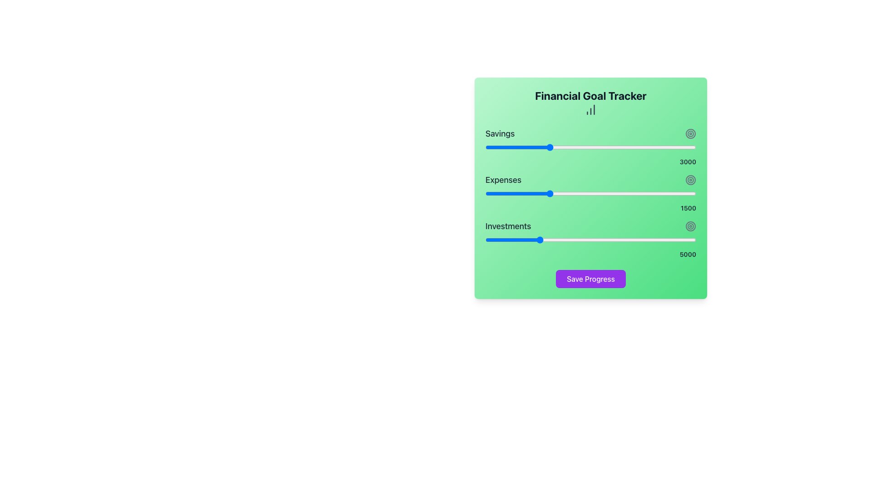  Describe the element at coordinates (508, 147) in the screenshot. I see `the Savings slider` at that location.